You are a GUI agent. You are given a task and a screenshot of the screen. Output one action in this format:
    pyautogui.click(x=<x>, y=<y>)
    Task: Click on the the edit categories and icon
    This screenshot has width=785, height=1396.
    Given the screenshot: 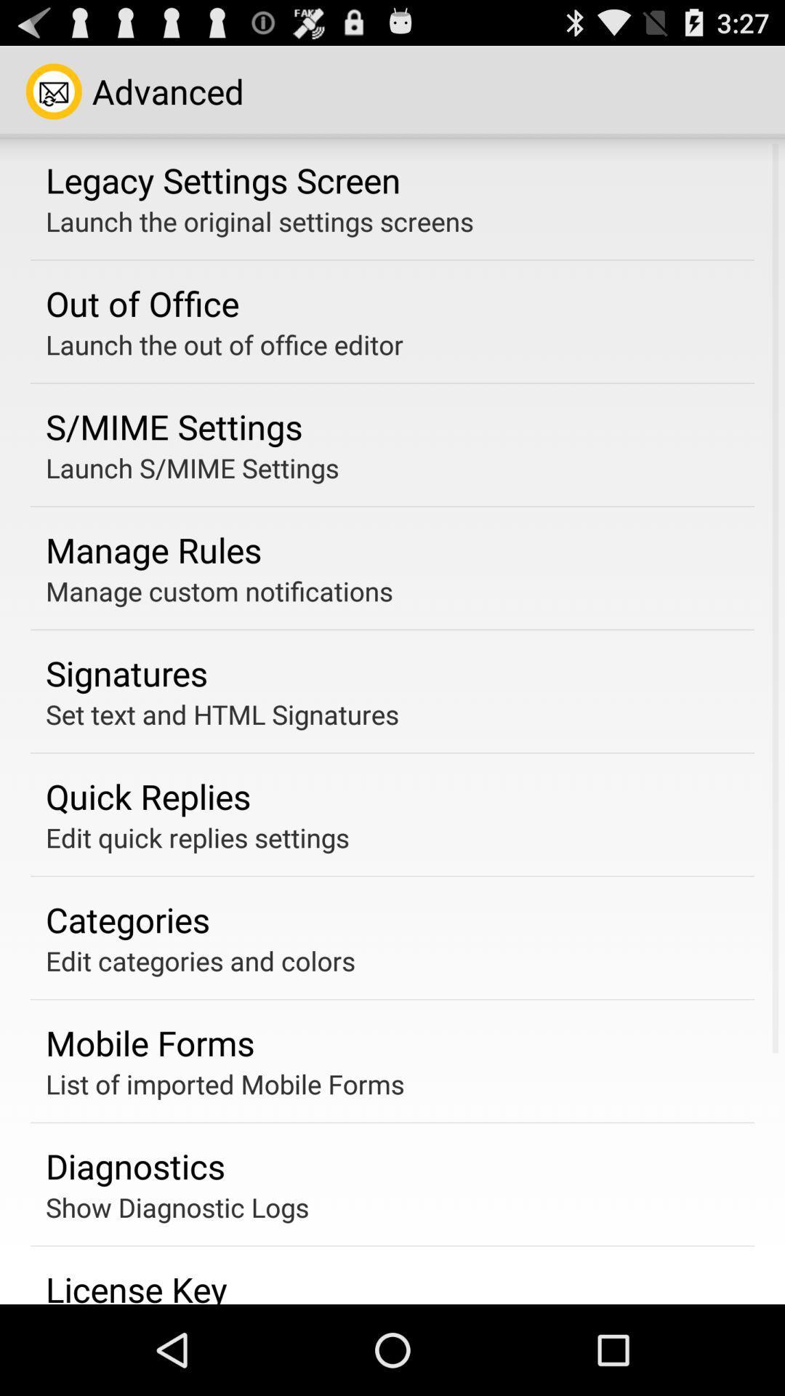 What is the action you would take?
    pyautogui.click(x=201, y=960)
    